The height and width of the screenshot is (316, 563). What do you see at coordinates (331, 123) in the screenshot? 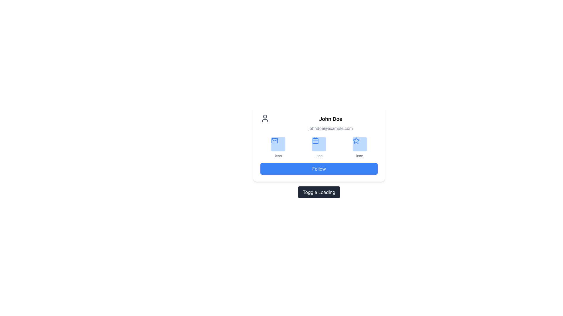
I see `the Text block displaying the user's name 'John Doe' and email 'johndoe@example.com', located in the user profile layout` at bounding box center [331, 123].